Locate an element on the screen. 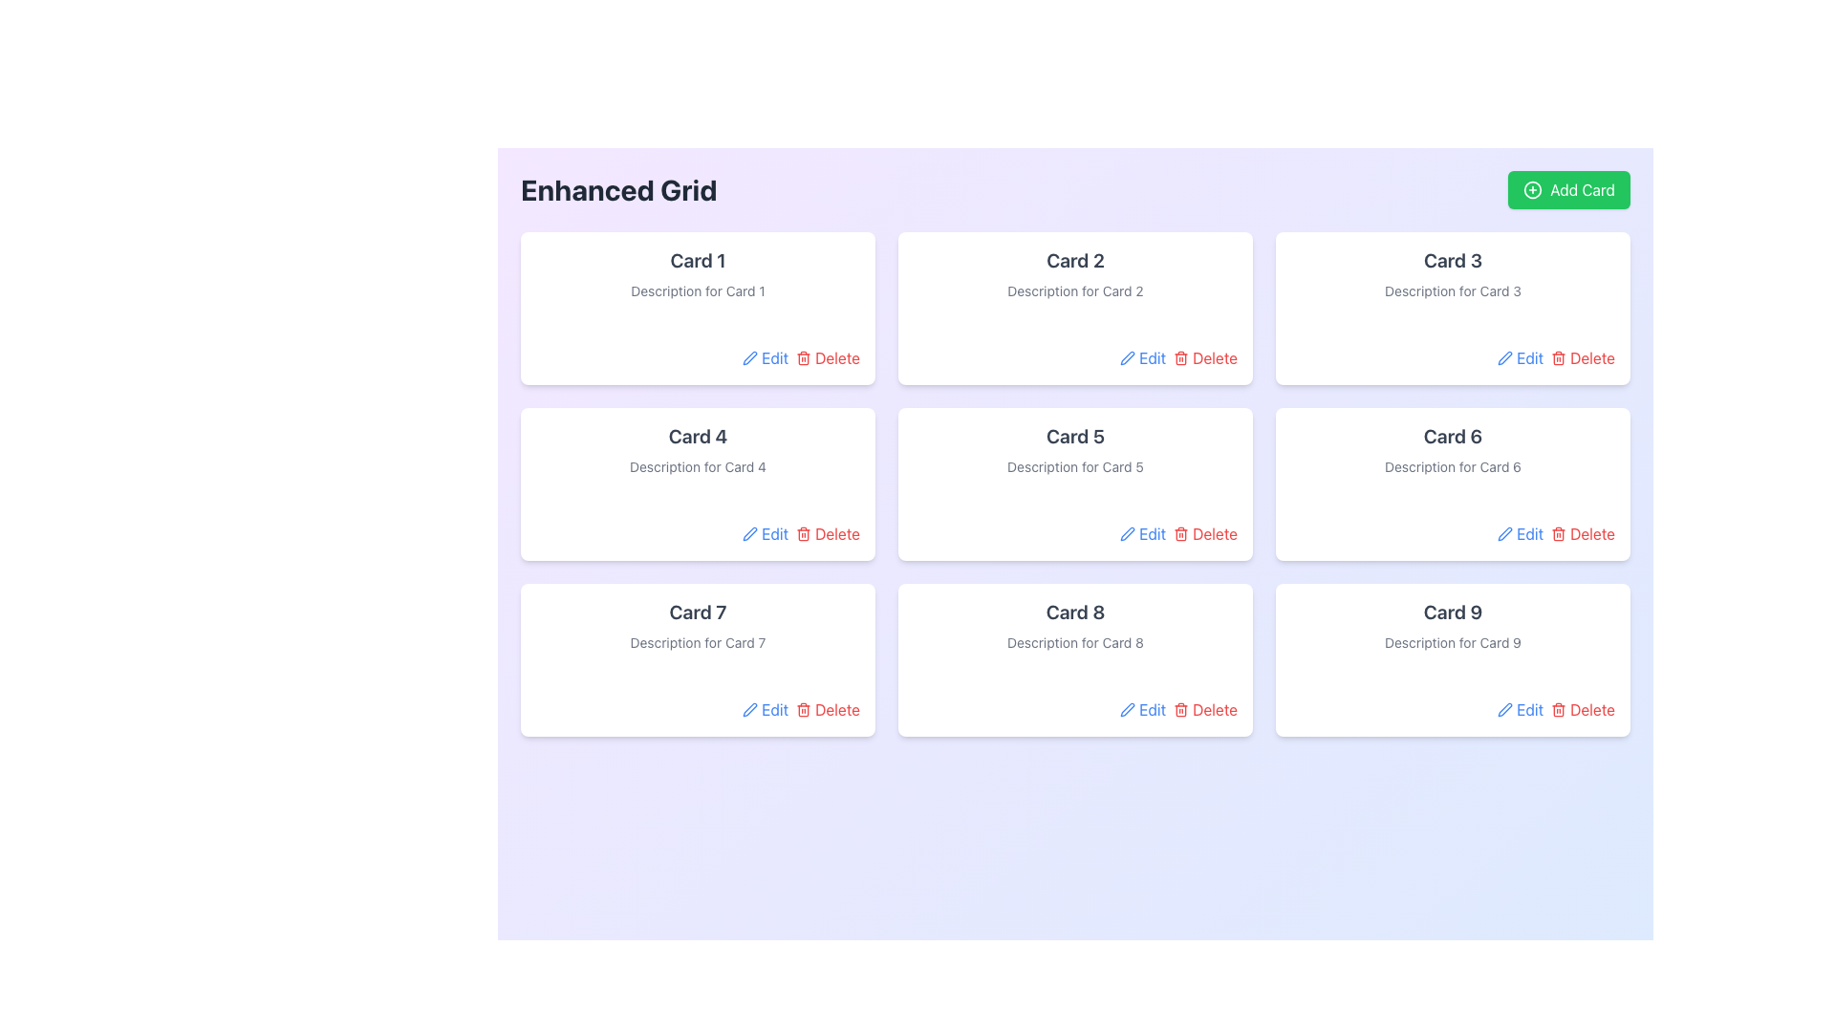 The height and width of the screenshot is (1032, 1835). the 'Delete' button located in the bottom-right corner of 'Card 3', which is horizontally aligned with a red font and a trashcan icon to its left is located at coordinates (1583, 357).